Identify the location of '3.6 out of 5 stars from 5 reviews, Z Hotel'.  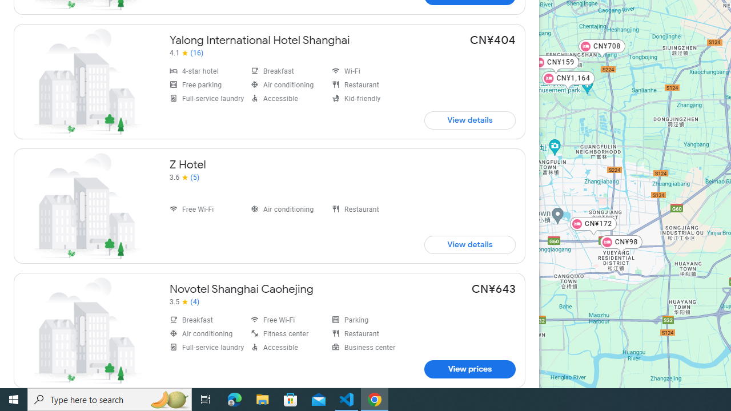
(184, 178).